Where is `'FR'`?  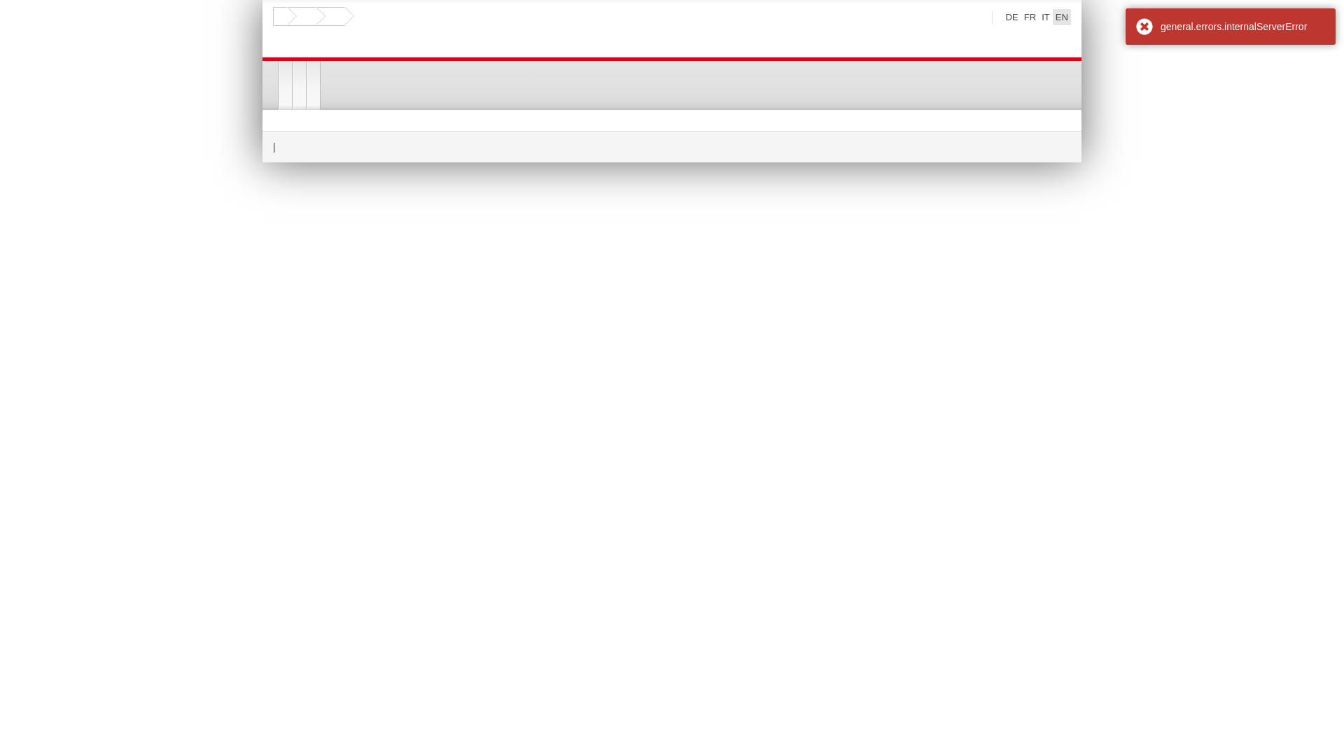 'FR' is located at coordinates (1021, 17).